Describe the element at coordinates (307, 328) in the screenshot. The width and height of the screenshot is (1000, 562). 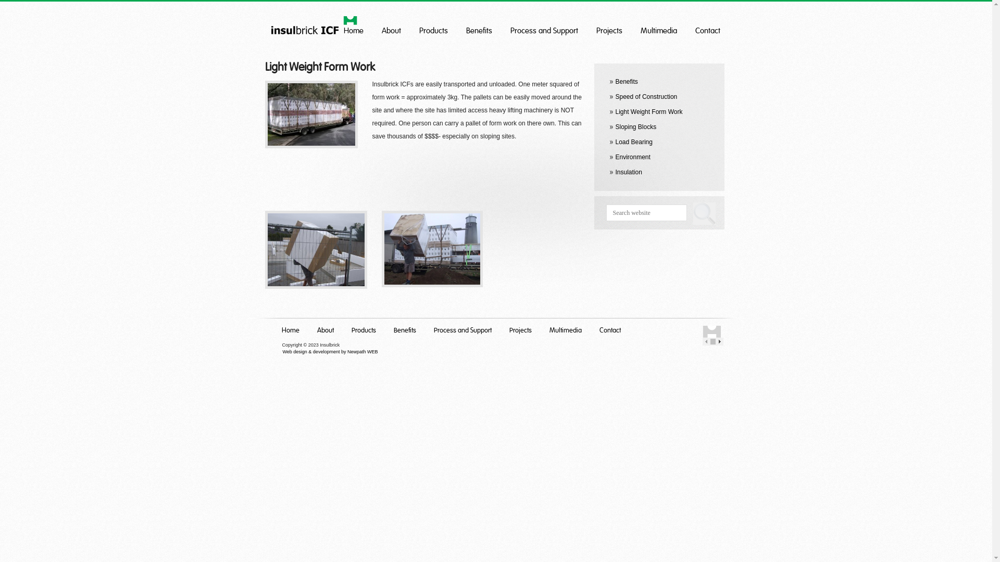
I see `'About'` at that location.